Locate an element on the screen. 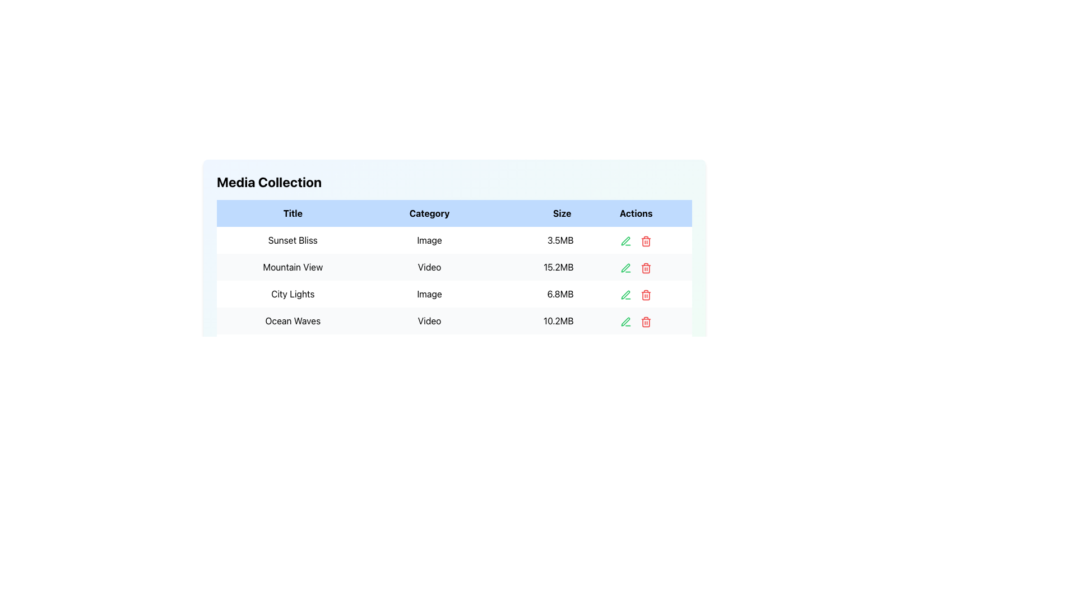 This screenshot has width=1076, height=605. the small green pen icon associated with the edit action, located in the fourth column labeled 'Actions' in the second row of the table, adjacent to the 'Mountain View' entry under 'Title' is located at coordinates (625, 267).